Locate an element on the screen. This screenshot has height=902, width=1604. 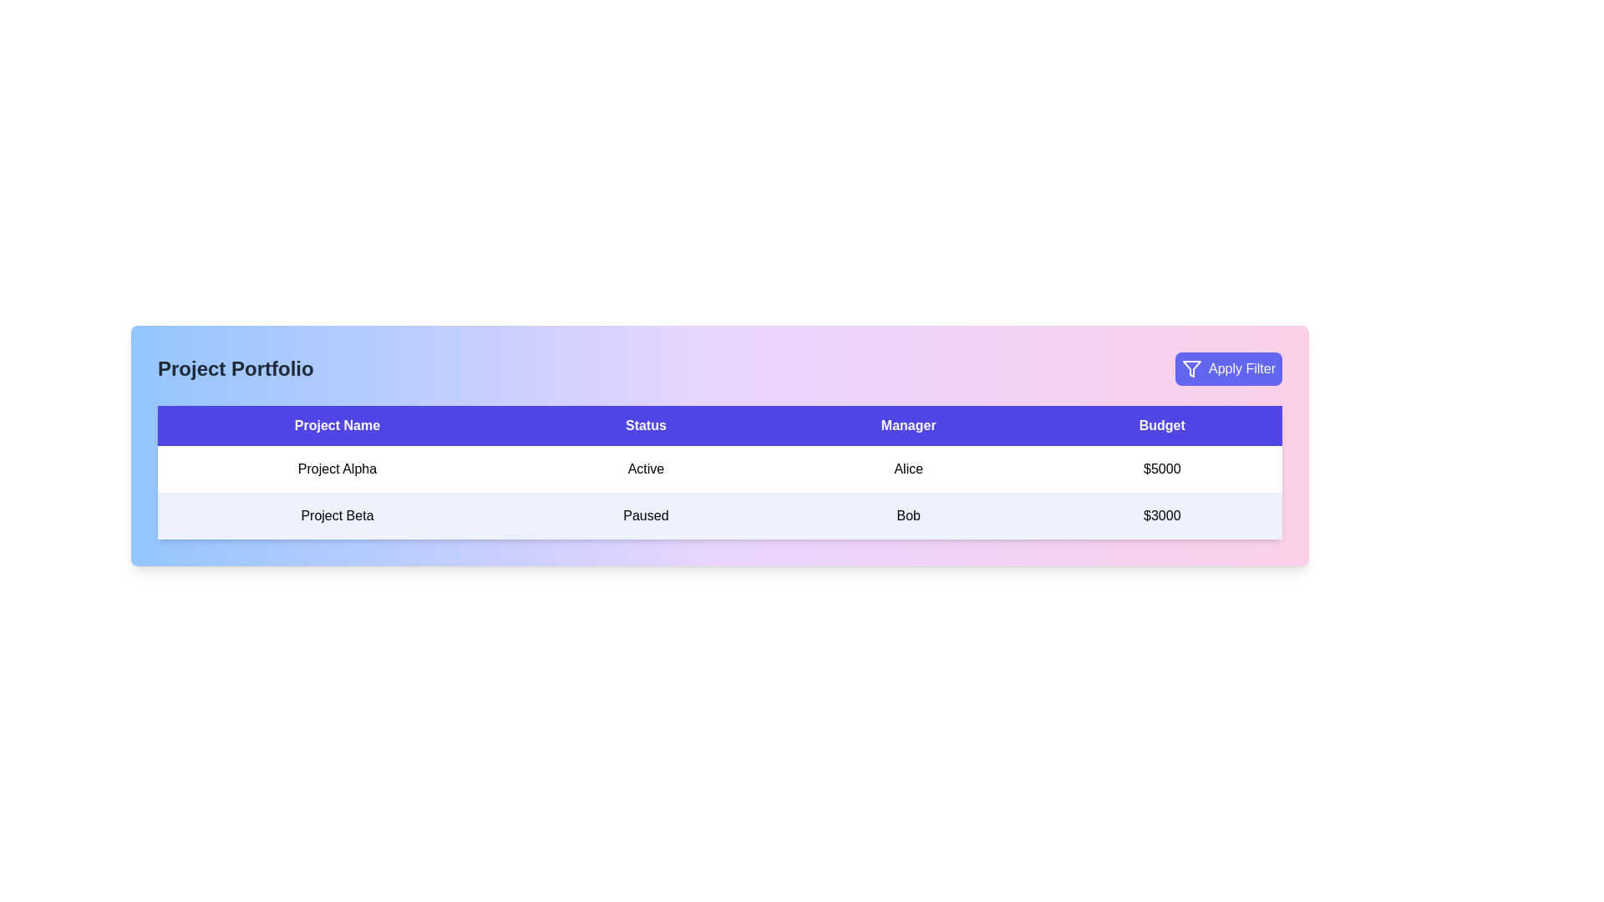
the text display showing the value '$5000' located in the 'Budget' column of the 'Project Alpha' row is located at coordinates (1161, 469).